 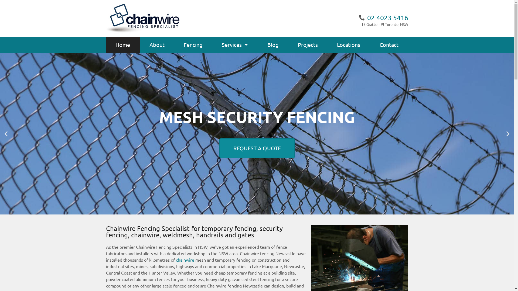 I want to click on 'Blog', so click(x=257, y=44).